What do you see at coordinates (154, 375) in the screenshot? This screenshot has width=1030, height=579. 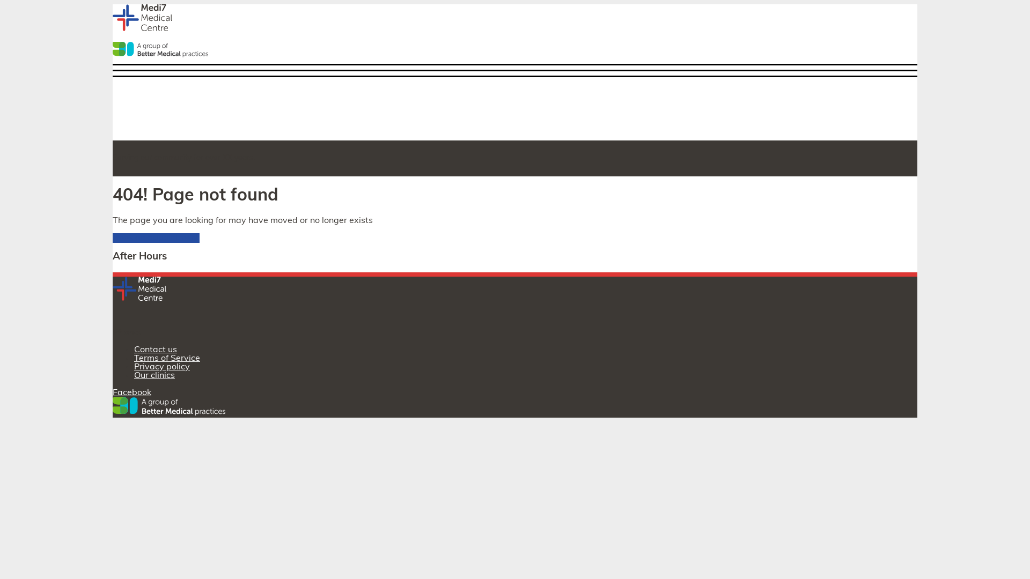 I see `'Our clinics'` at bounding box center [154, 375].